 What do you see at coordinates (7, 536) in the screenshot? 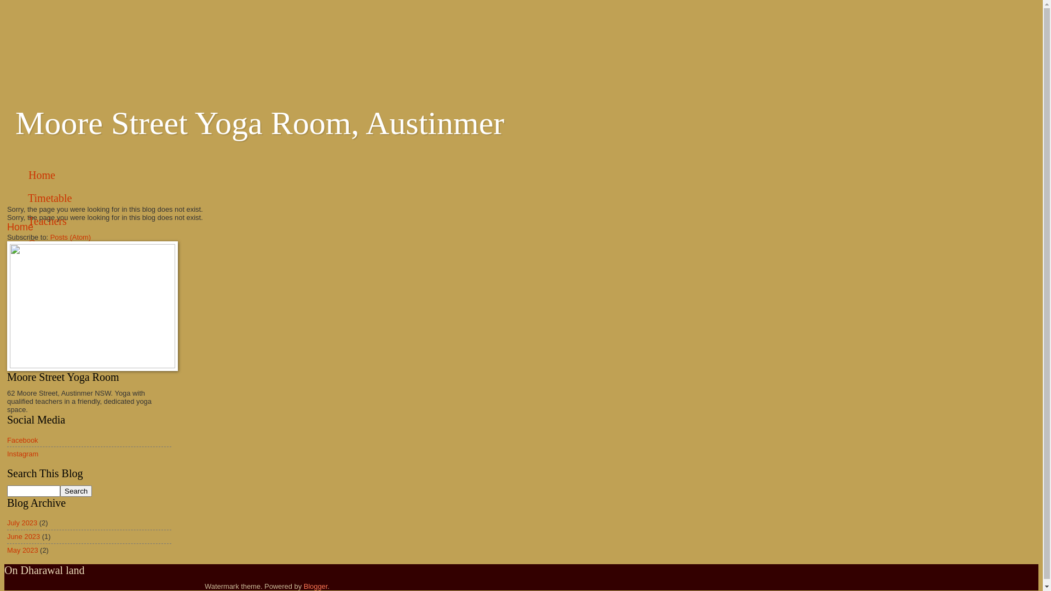
I see `'June 2023'` at bounding box center [7, 536].